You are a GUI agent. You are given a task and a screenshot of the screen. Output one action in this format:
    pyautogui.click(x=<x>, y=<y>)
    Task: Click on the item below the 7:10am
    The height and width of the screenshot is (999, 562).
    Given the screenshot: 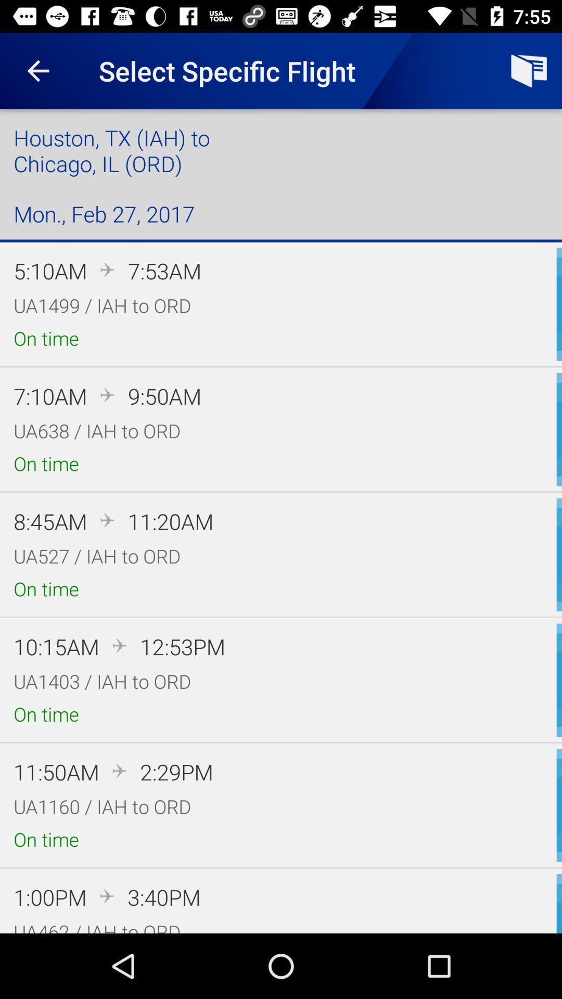 What is the action you would take?
    pyautogui.click(x=97, y=430)
    